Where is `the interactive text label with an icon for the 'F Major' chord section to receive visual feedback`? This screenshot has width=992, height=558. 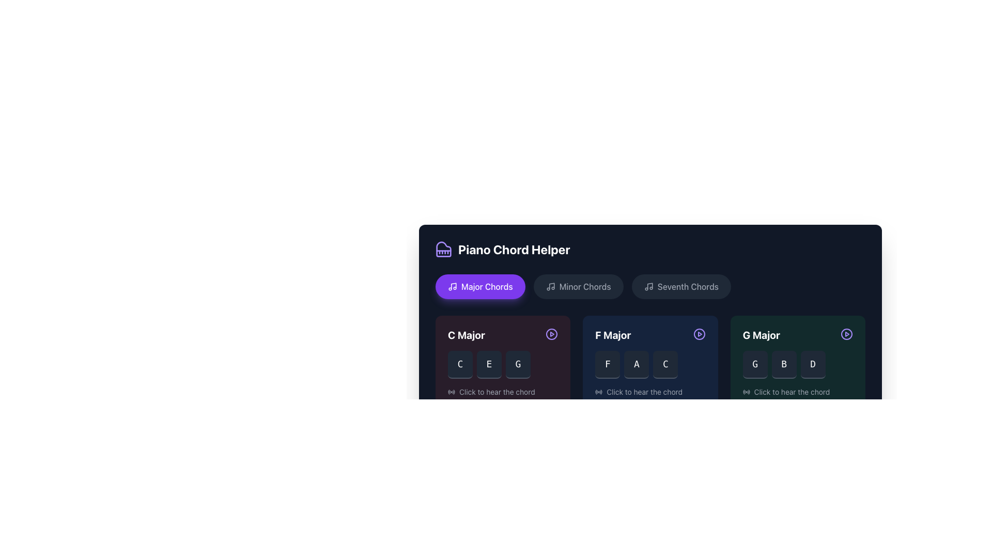 the interactive text label with an icon for the 'F Major' chord section to receive visual feedback is located at coordinates (649, 392).